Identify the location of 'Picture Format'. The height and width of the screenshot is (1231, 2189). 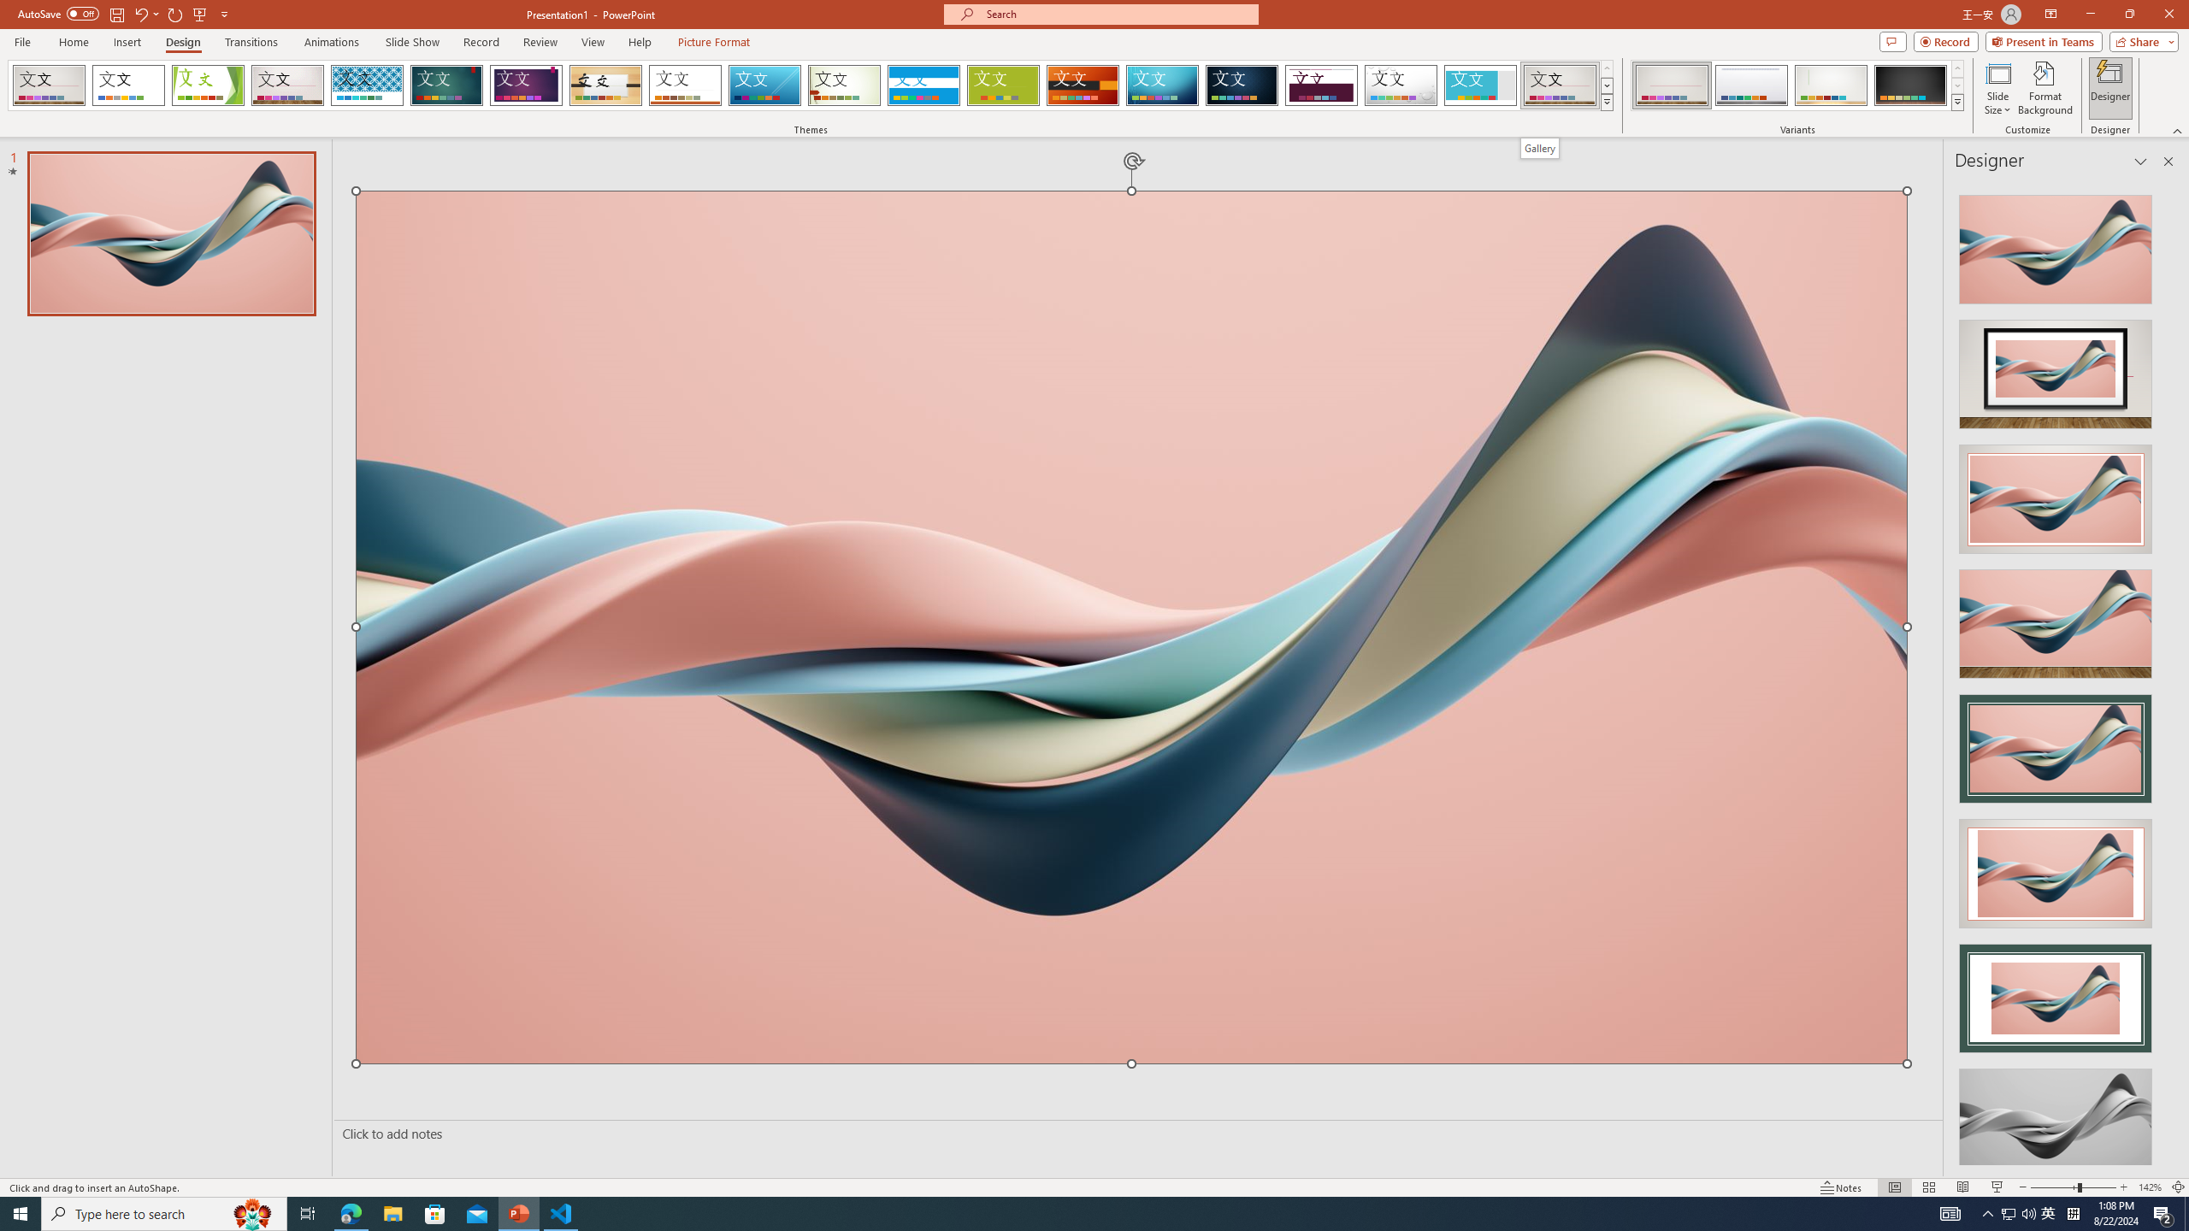
(714, 42).